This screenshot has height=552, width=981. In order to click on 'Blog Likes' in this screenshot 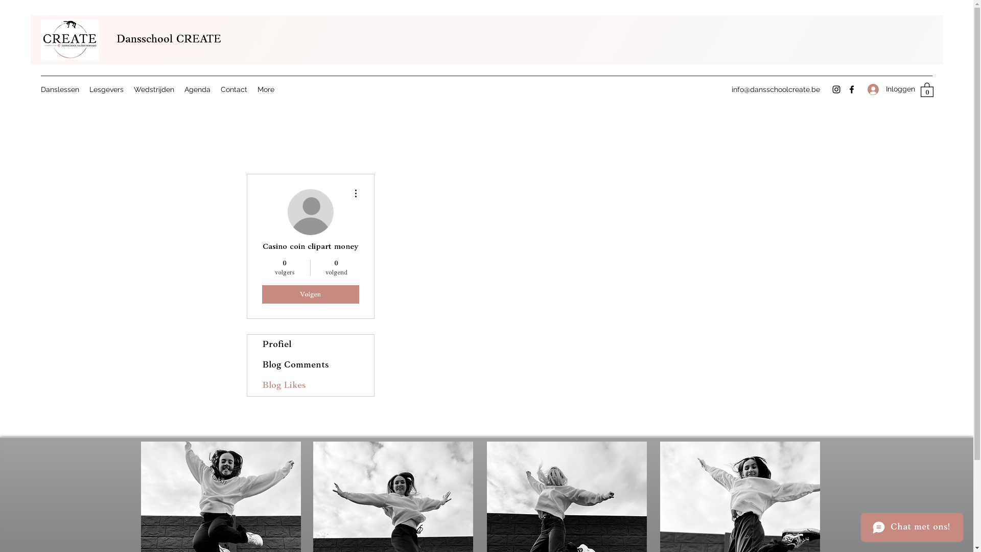, I will do `click(310, 386)`.